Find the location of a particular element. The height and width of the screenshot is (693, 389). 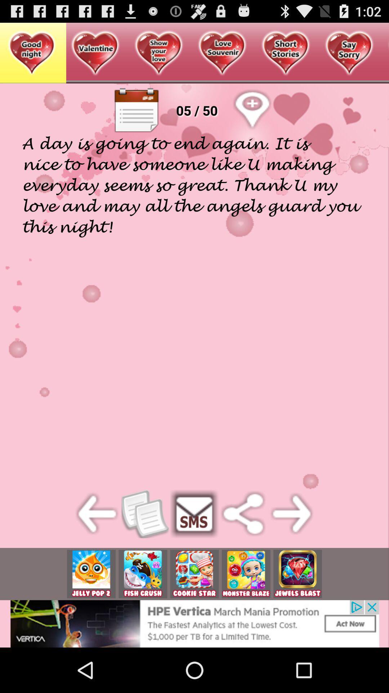

the button which is on right side of short stories is located at coordinates (349, 53).